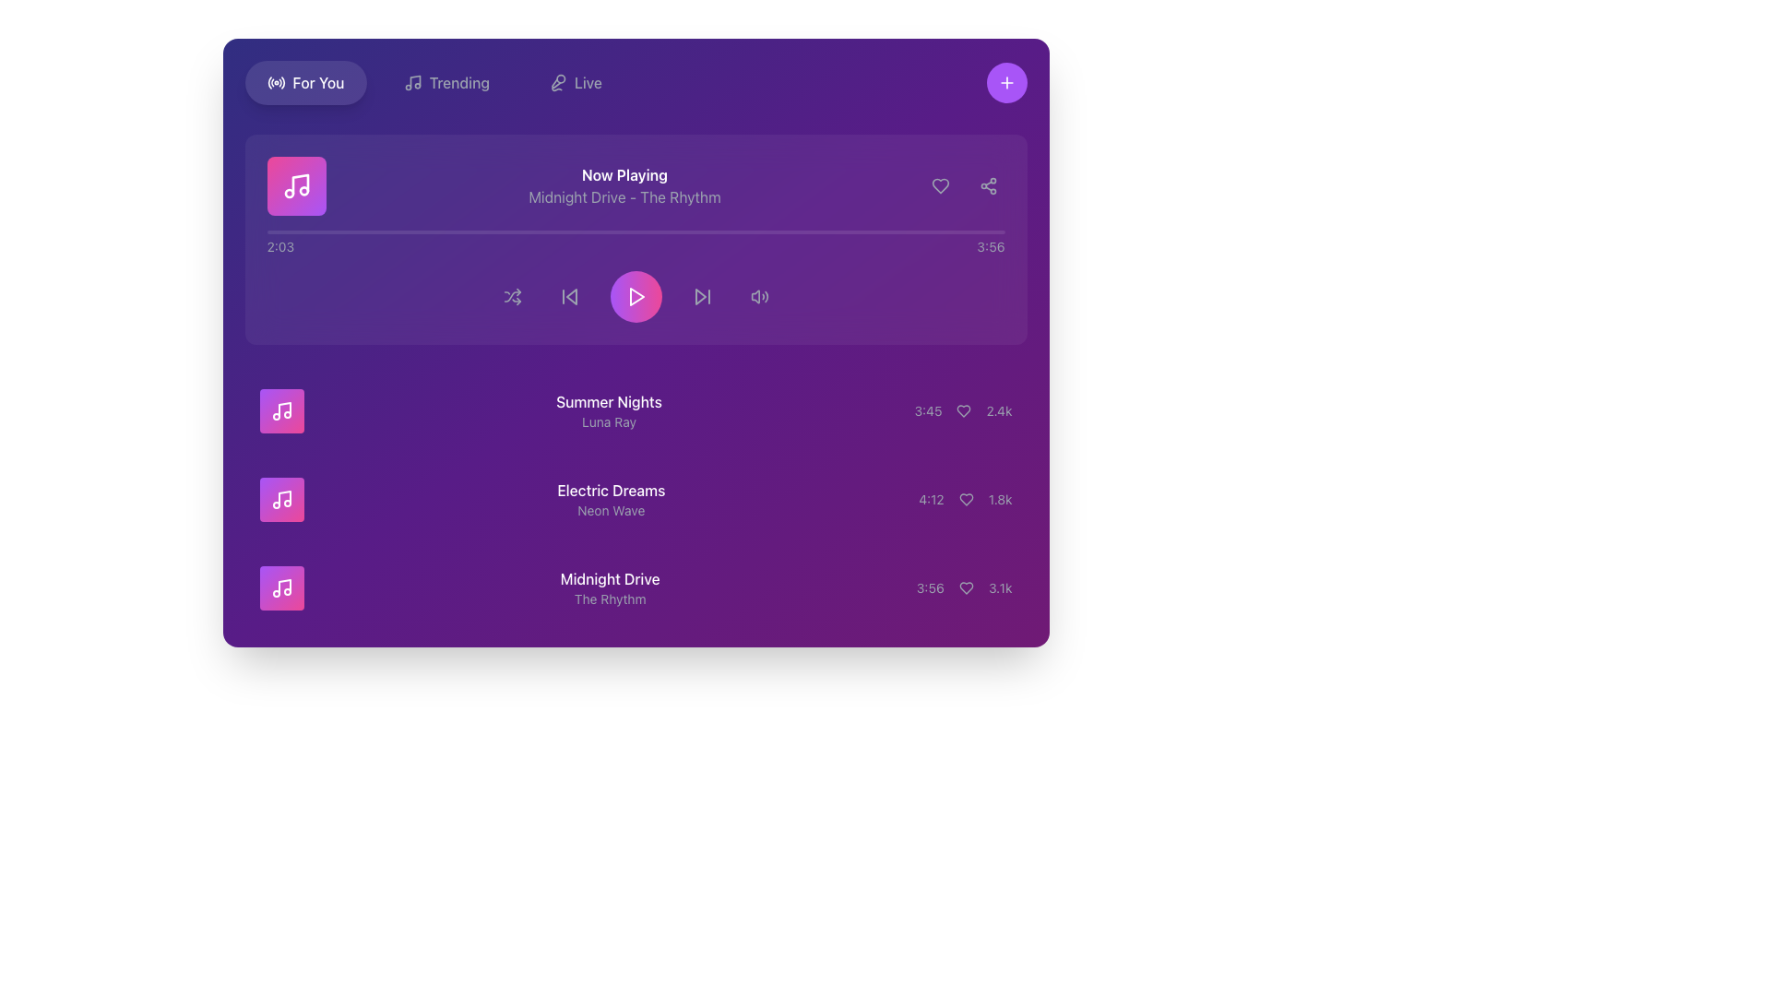 This screenshot has height=996, width=1771. I want to click on playback position, so click(684, 231).